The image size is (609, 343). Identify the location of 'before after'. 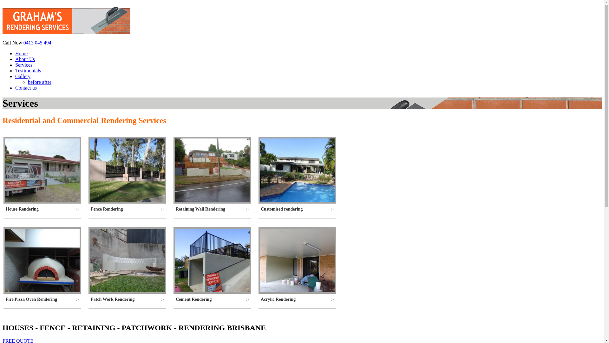
(27, 82).